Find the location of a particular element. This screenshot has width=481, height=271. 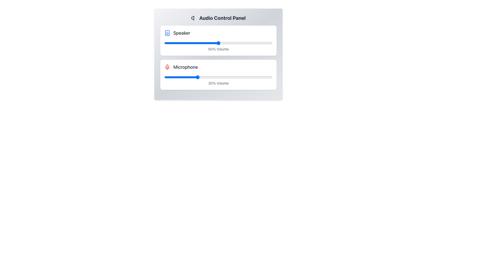

the microphone volume is located at coordinates (223, 77).